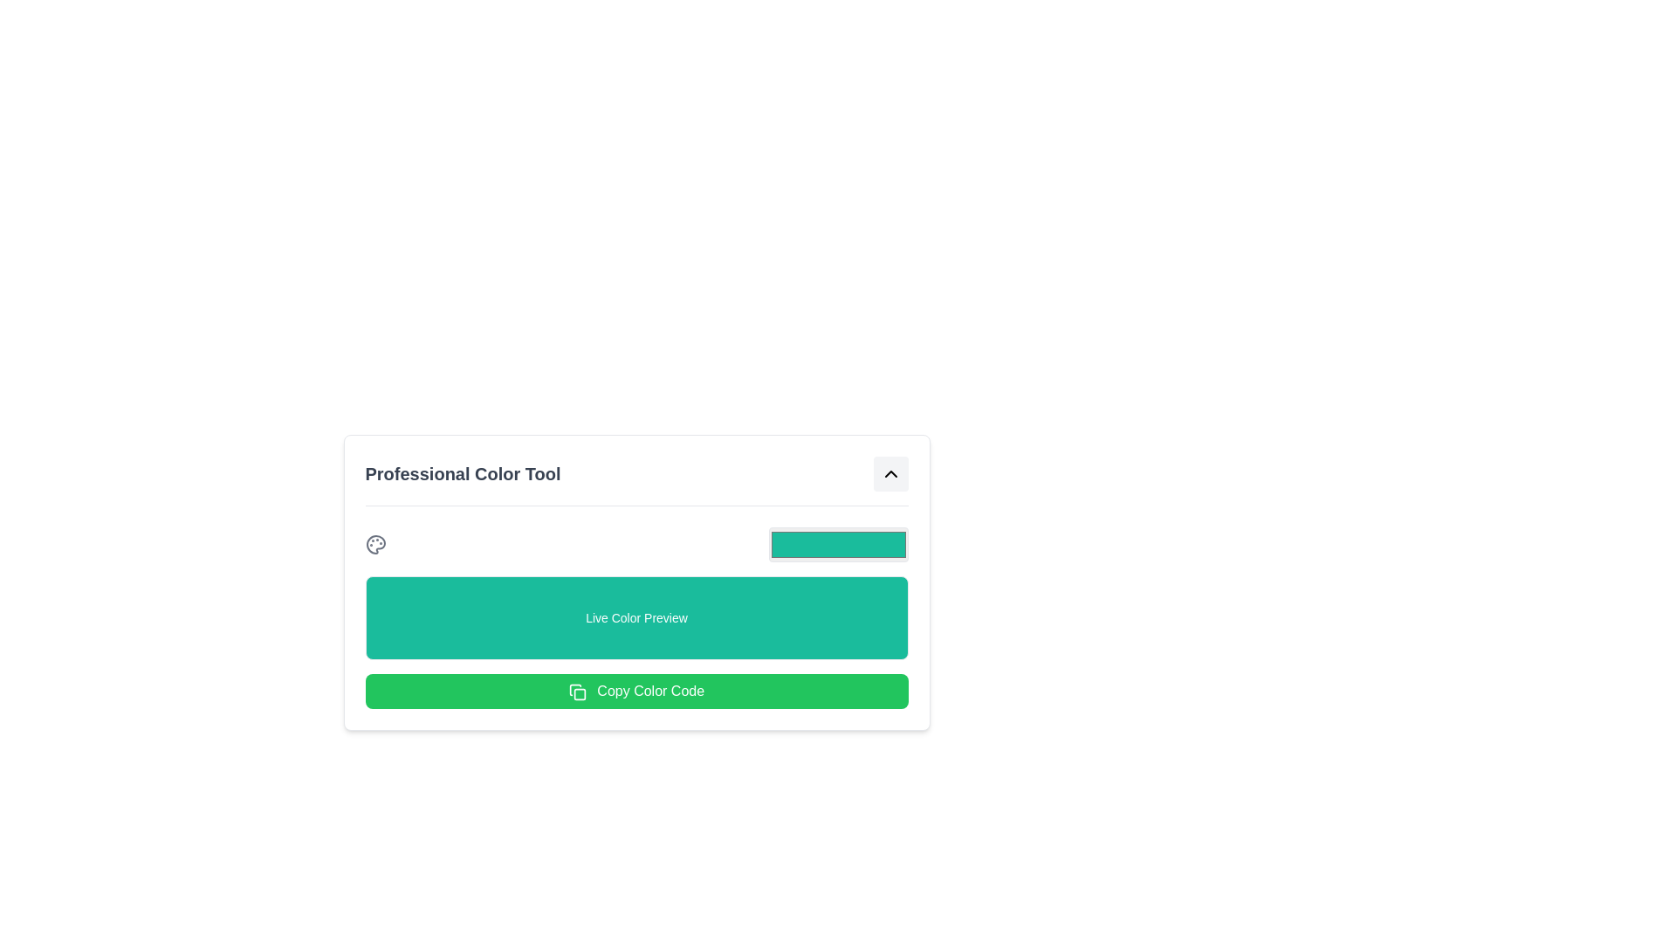  Describe the element at coordinates (635, 617) in the screenshot. I see `the color preview displayed in the central Display Panel of the 'Professional Color Tool' located beneath the header and above the 'Copy Color Code' button` at that location.